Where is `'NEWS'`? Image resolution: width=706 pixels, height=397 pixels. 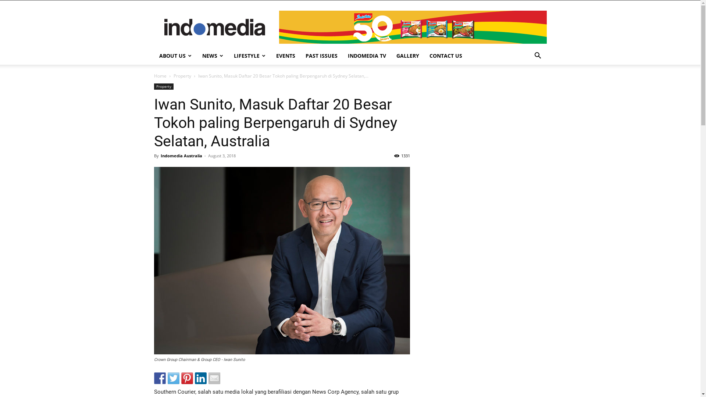 'NEWS' is located at coordinates (213, 55).